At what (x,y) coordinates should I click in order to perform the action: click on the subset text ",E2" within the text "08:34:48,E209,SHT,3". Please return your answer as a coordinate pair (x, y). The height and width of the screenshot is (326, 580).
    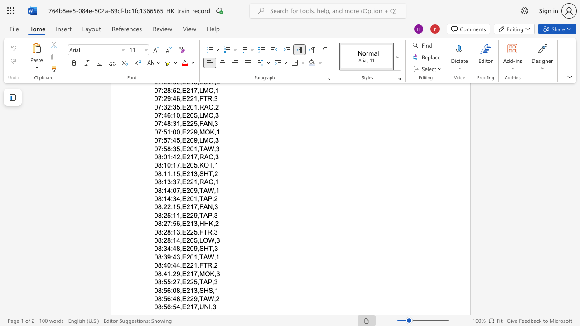
    Looking at the image, I should click on (180, 249).